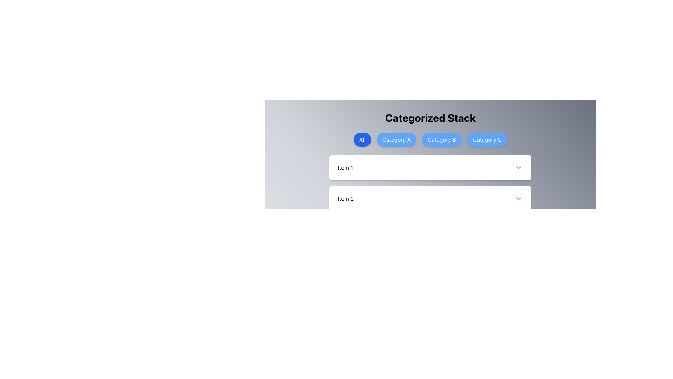  I want to click on the section header text that serves as a context or description for the subsequent categories and items, so click(430, 117).